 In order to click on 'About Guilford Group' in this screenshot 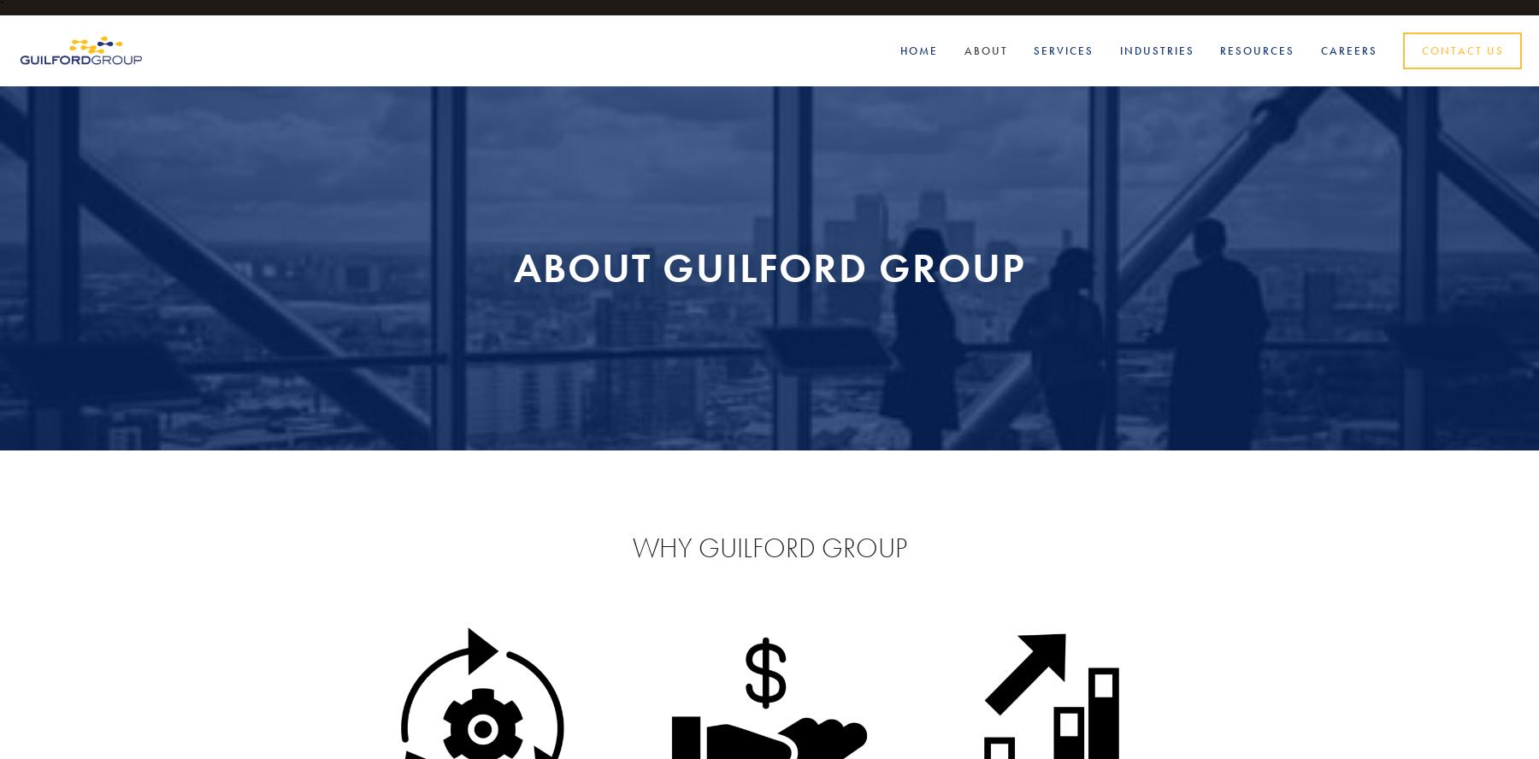, I will do `click(769, 267)`.